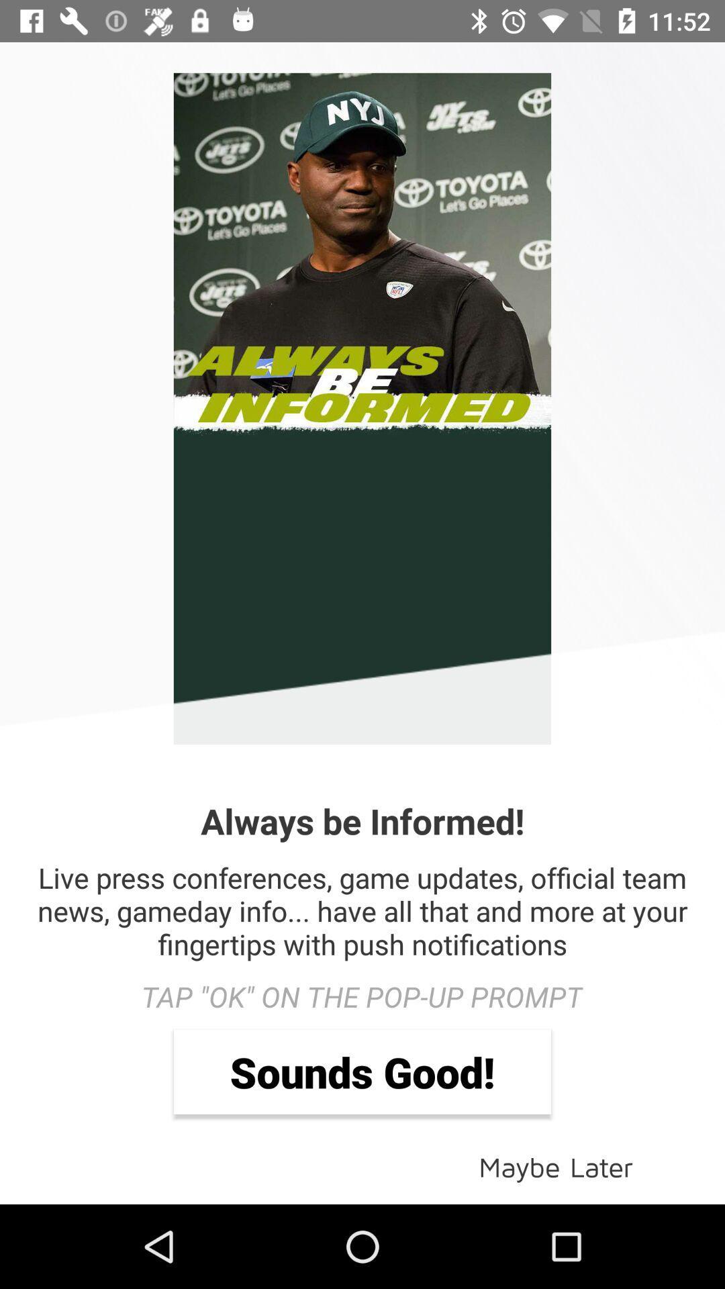  I want to click on item above maybe later item, so click(362, 1071).